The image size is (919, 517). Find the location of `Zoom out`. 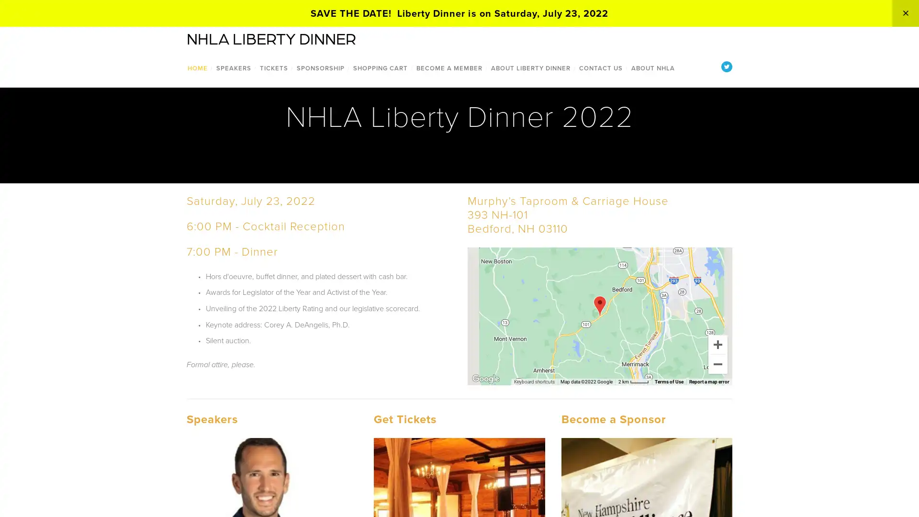

Zoom out is located at coordinates (717, 363).